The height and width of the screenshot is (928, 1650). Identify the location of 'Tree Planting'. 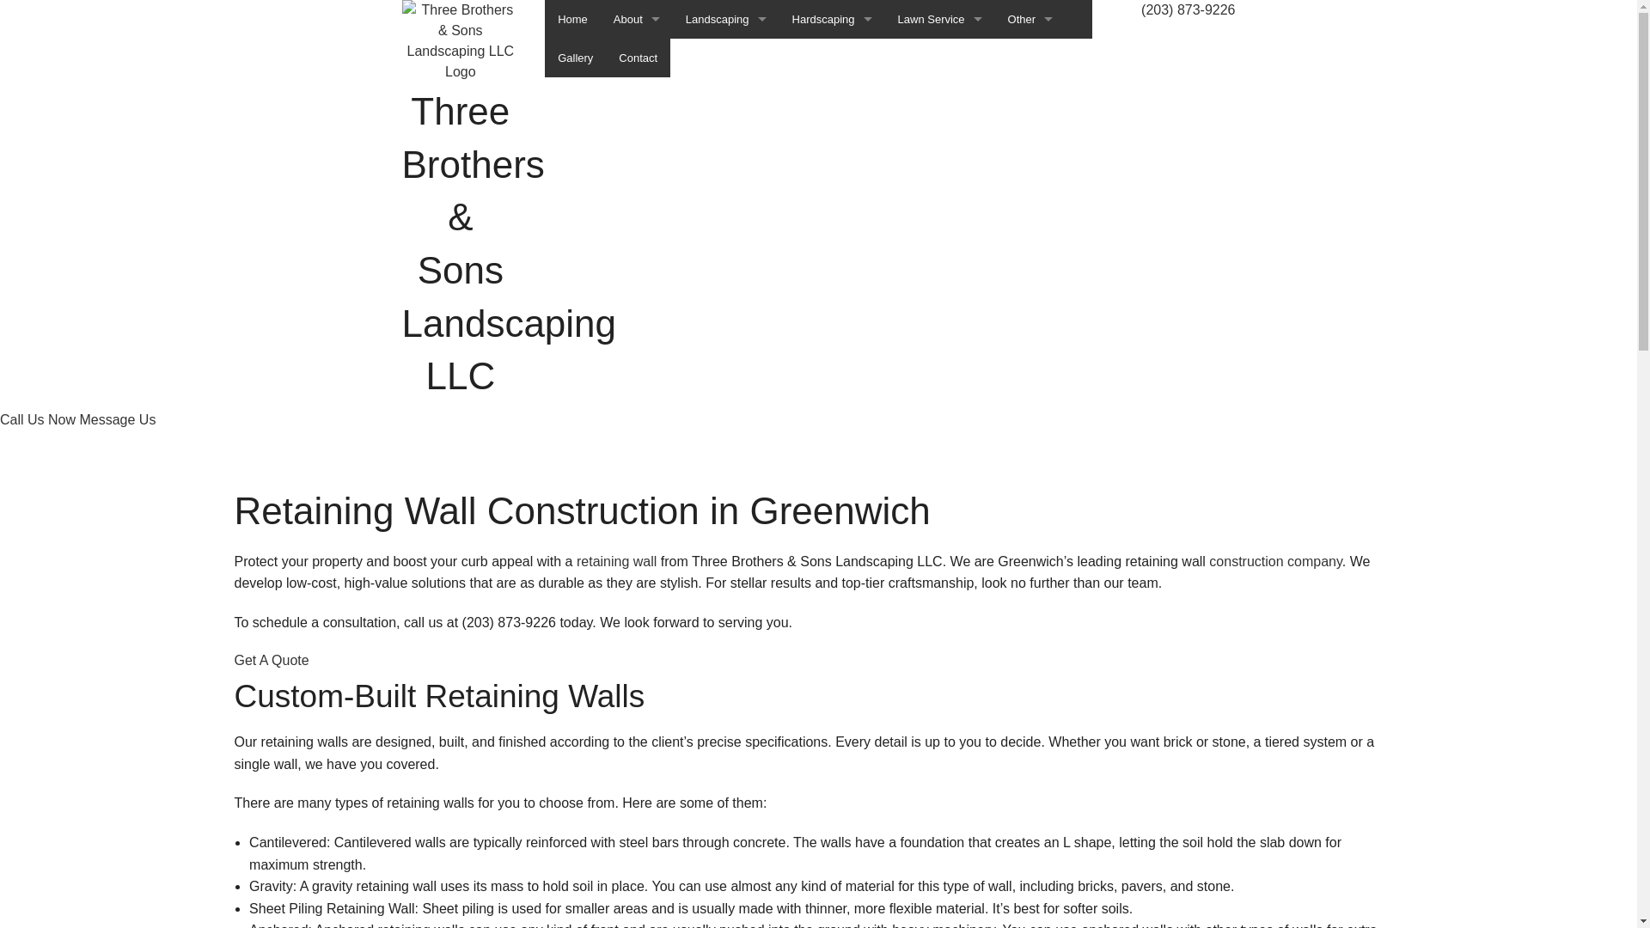
(1030, 366).